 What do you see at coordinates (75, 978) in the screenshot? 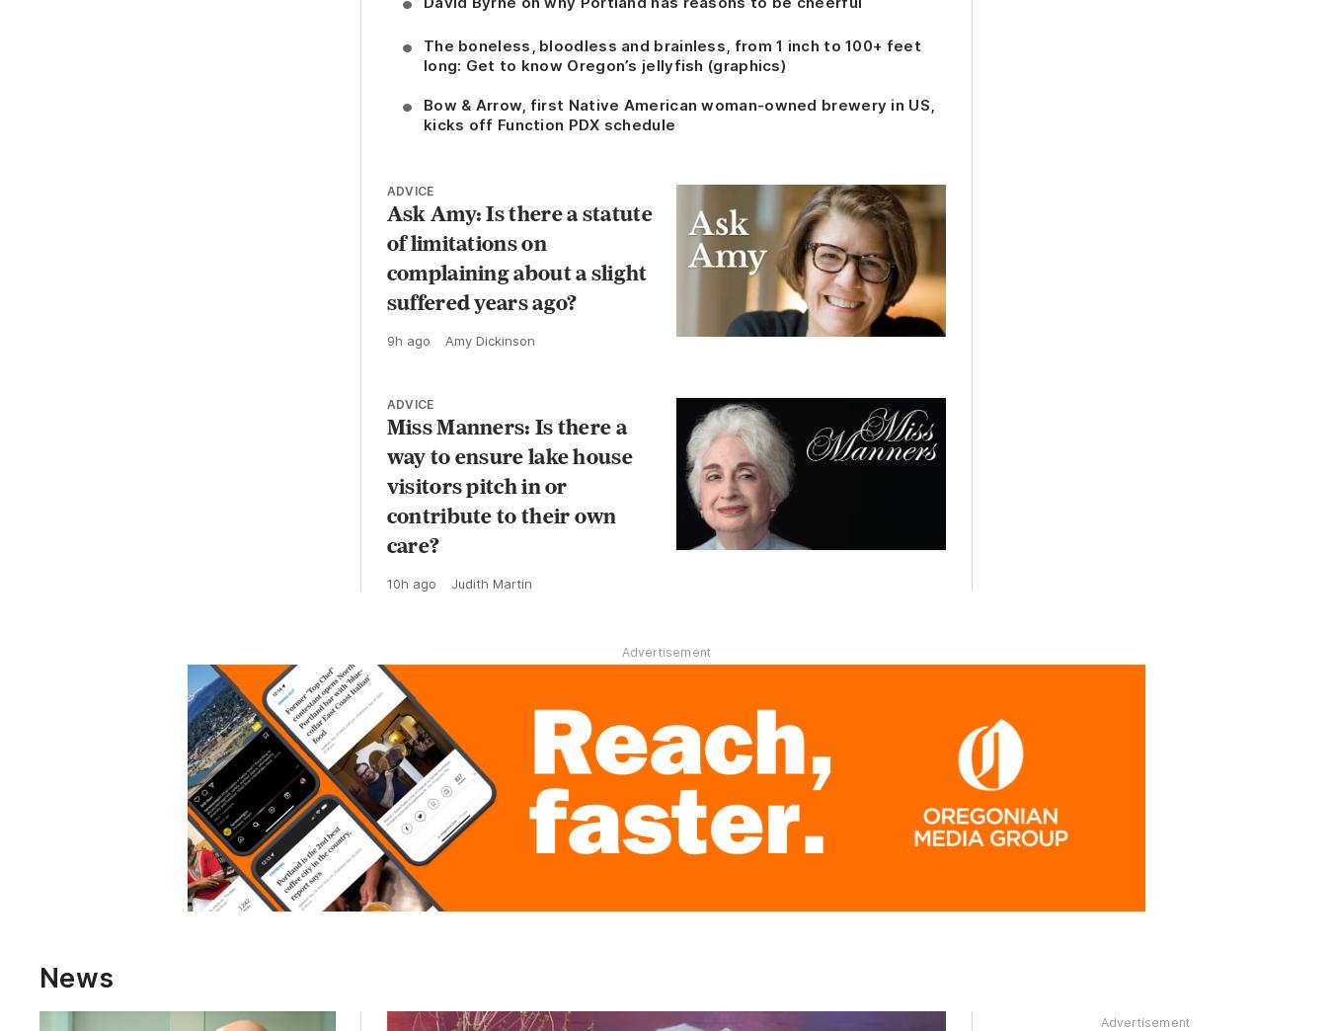
I see `'News'` at bounding box center [75, 978].